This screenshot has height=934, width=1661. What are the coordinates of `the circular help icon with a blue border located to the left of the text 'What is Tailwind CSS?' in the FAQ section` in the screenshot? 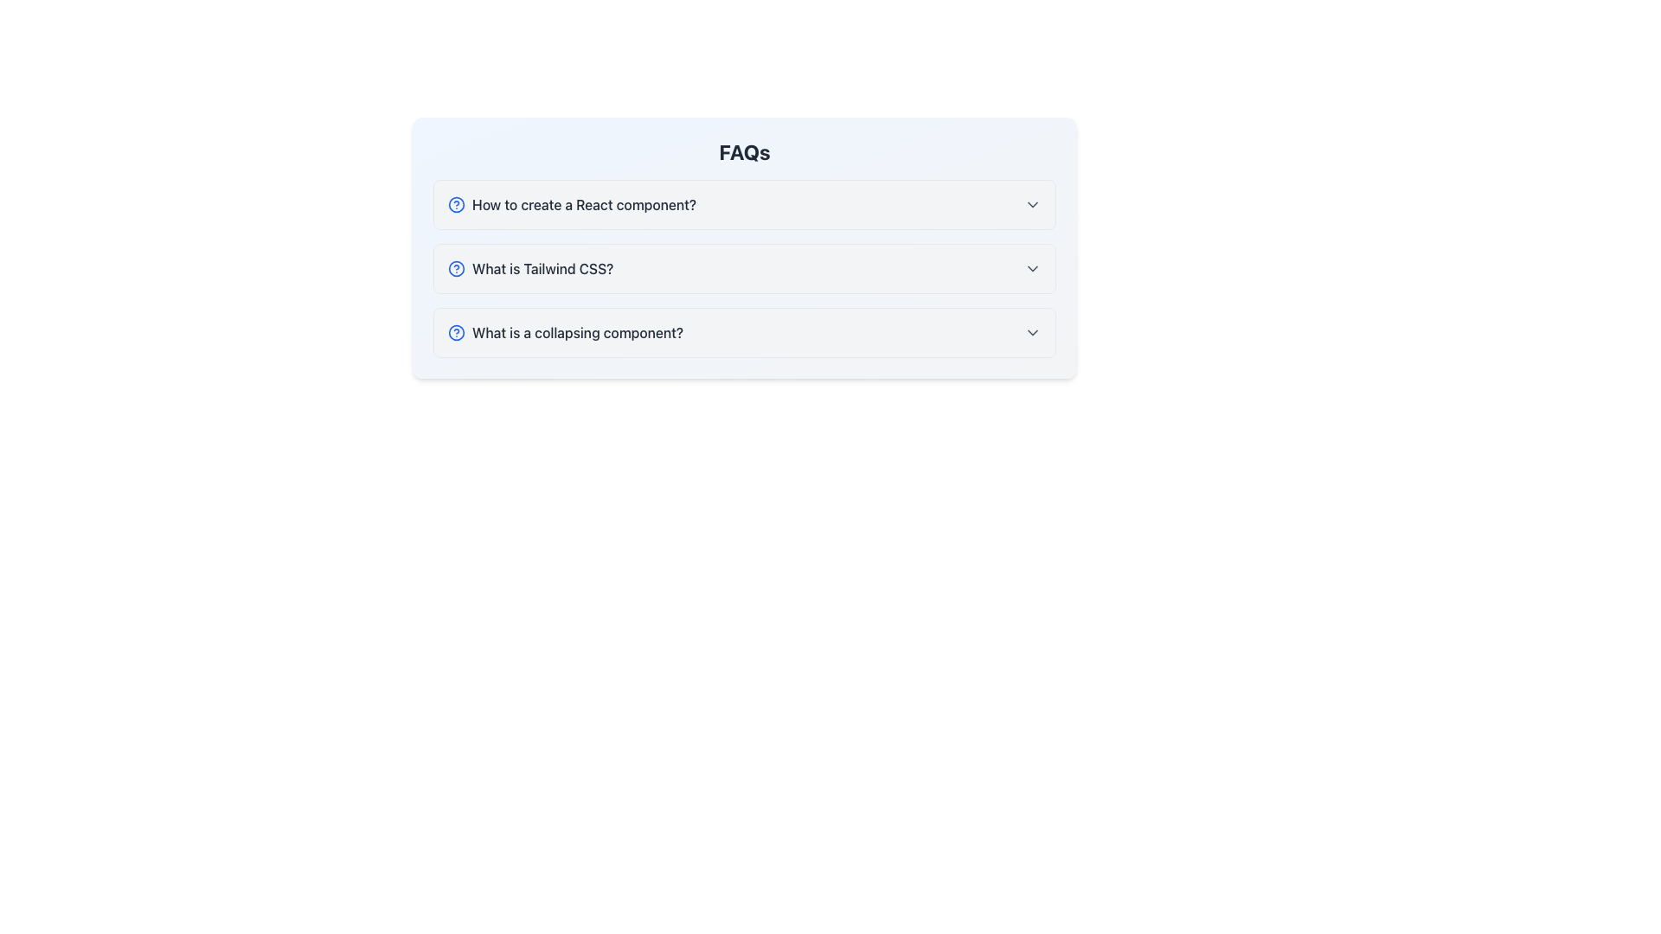 It's located at (457, 269).